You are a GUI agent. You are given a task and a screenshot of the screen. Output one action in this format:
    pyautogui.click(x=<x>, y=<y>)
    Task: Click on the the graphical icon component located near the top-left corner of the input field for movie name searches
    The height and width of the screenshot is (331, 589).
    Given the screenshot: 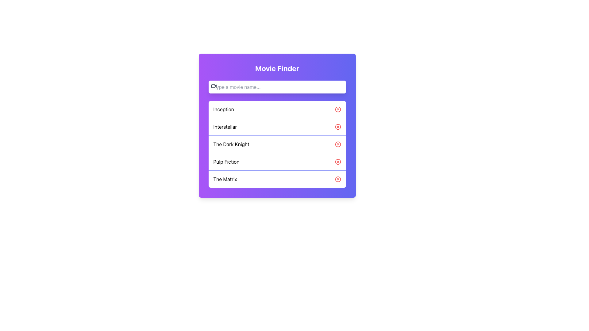 What is the action you would take?
    pyautogui.click(x=213, y=86)
    